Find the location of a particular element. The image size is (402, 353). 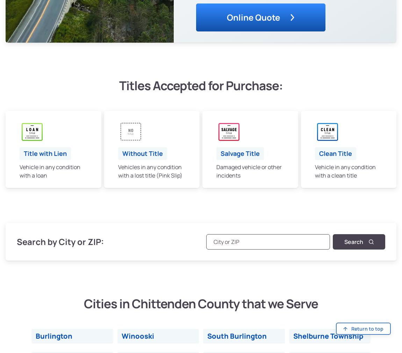

'Cities in Chittenden County that we Serve' is located at coordinates (201, 303).